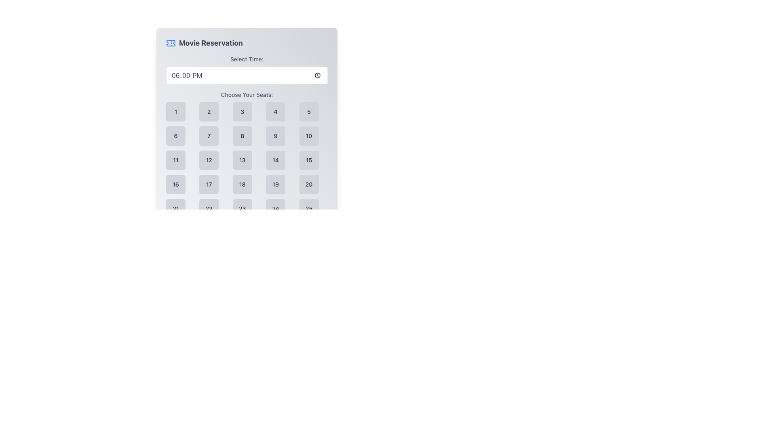 This screenshot has height=436, width=776. I want to click on the button labeled '9' in the second row, fourth column of the grid within the 'Choose Your Seats:' section, so click(276, 135).